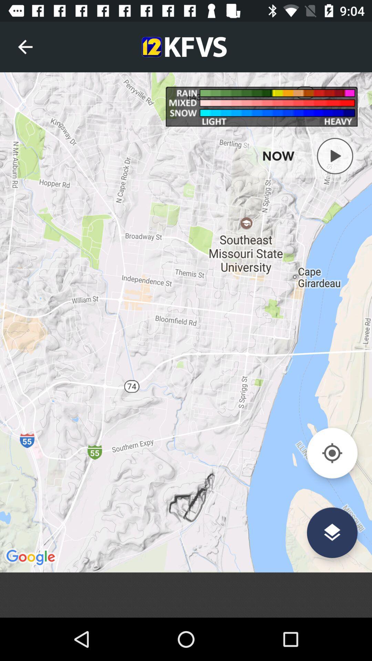 The height and width of the screenshot is (661, 372). What do you see at coordinates (332, 453) in the screenshot?
I see `show your location` at bounding box center [332, 453].